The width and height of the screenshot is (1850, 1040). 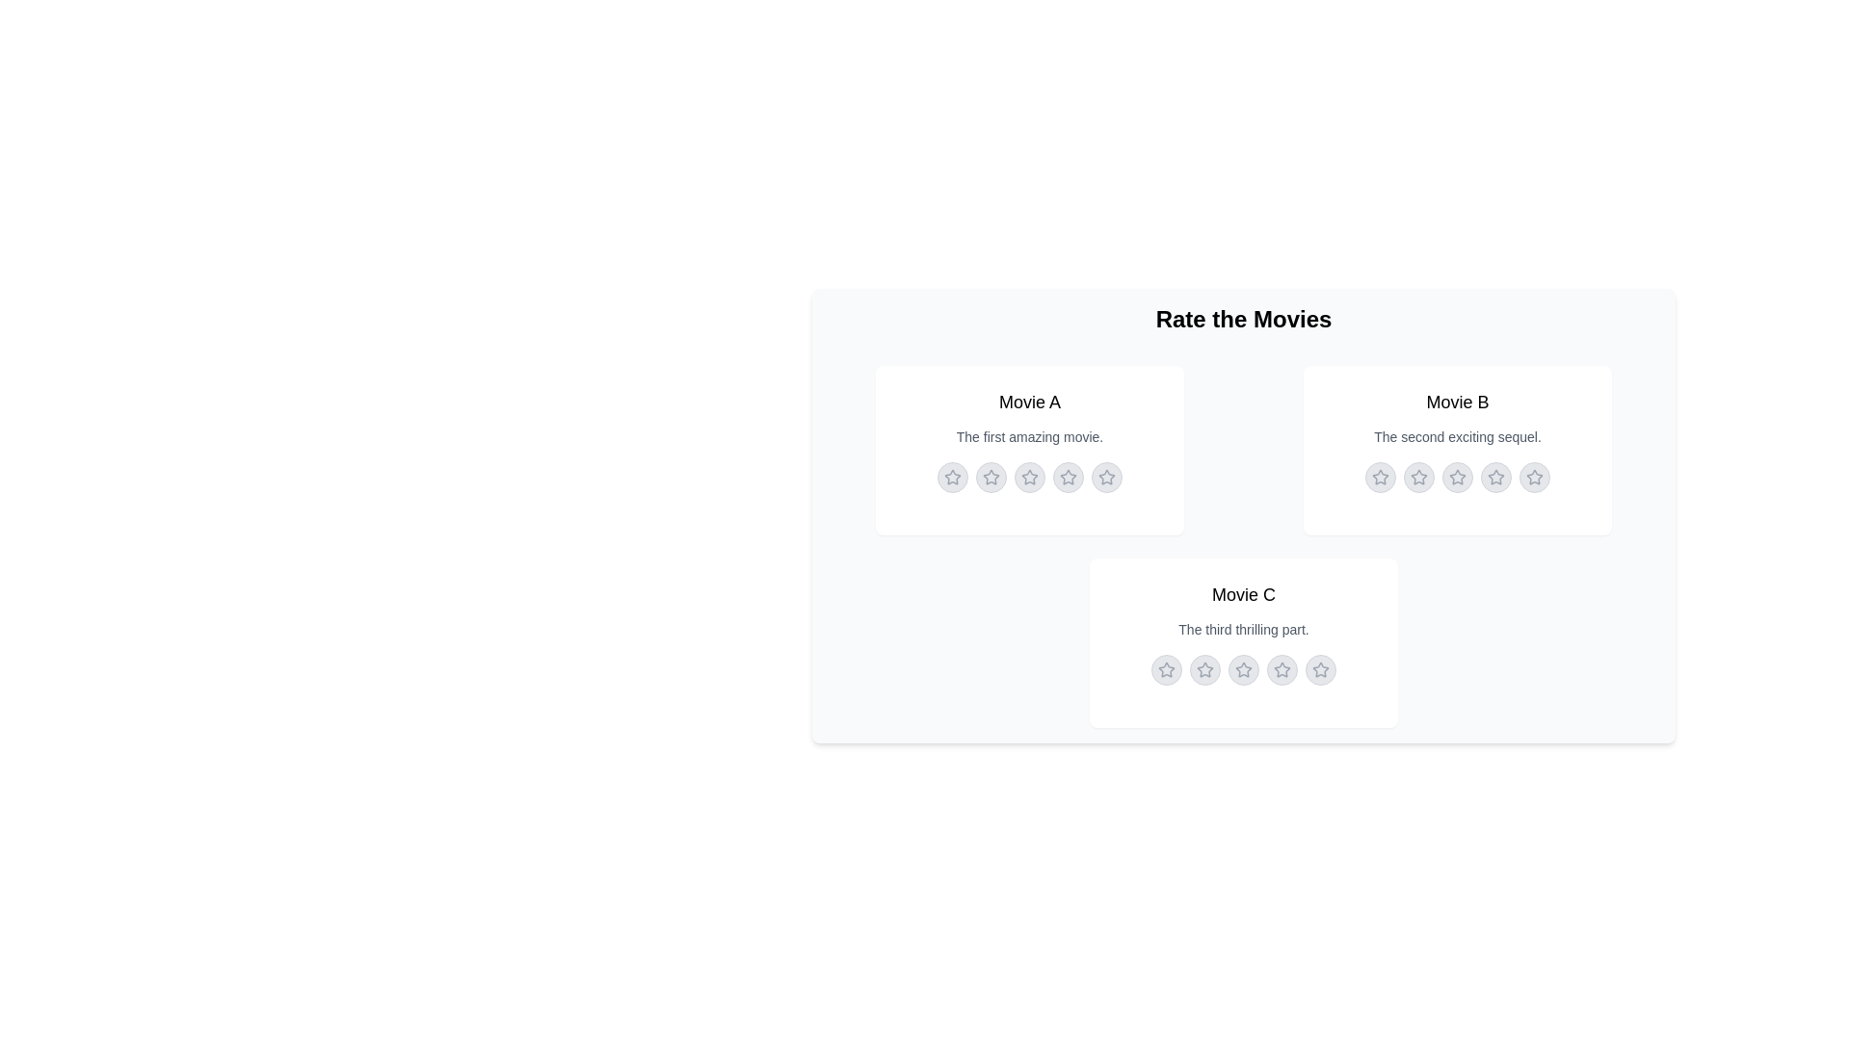 What do you see at coordinates (1419, 477) in the screenshot?
I see `the second clickable rating star icon in the rating section of 'Movie B'` at bounding box center [1419, 477].